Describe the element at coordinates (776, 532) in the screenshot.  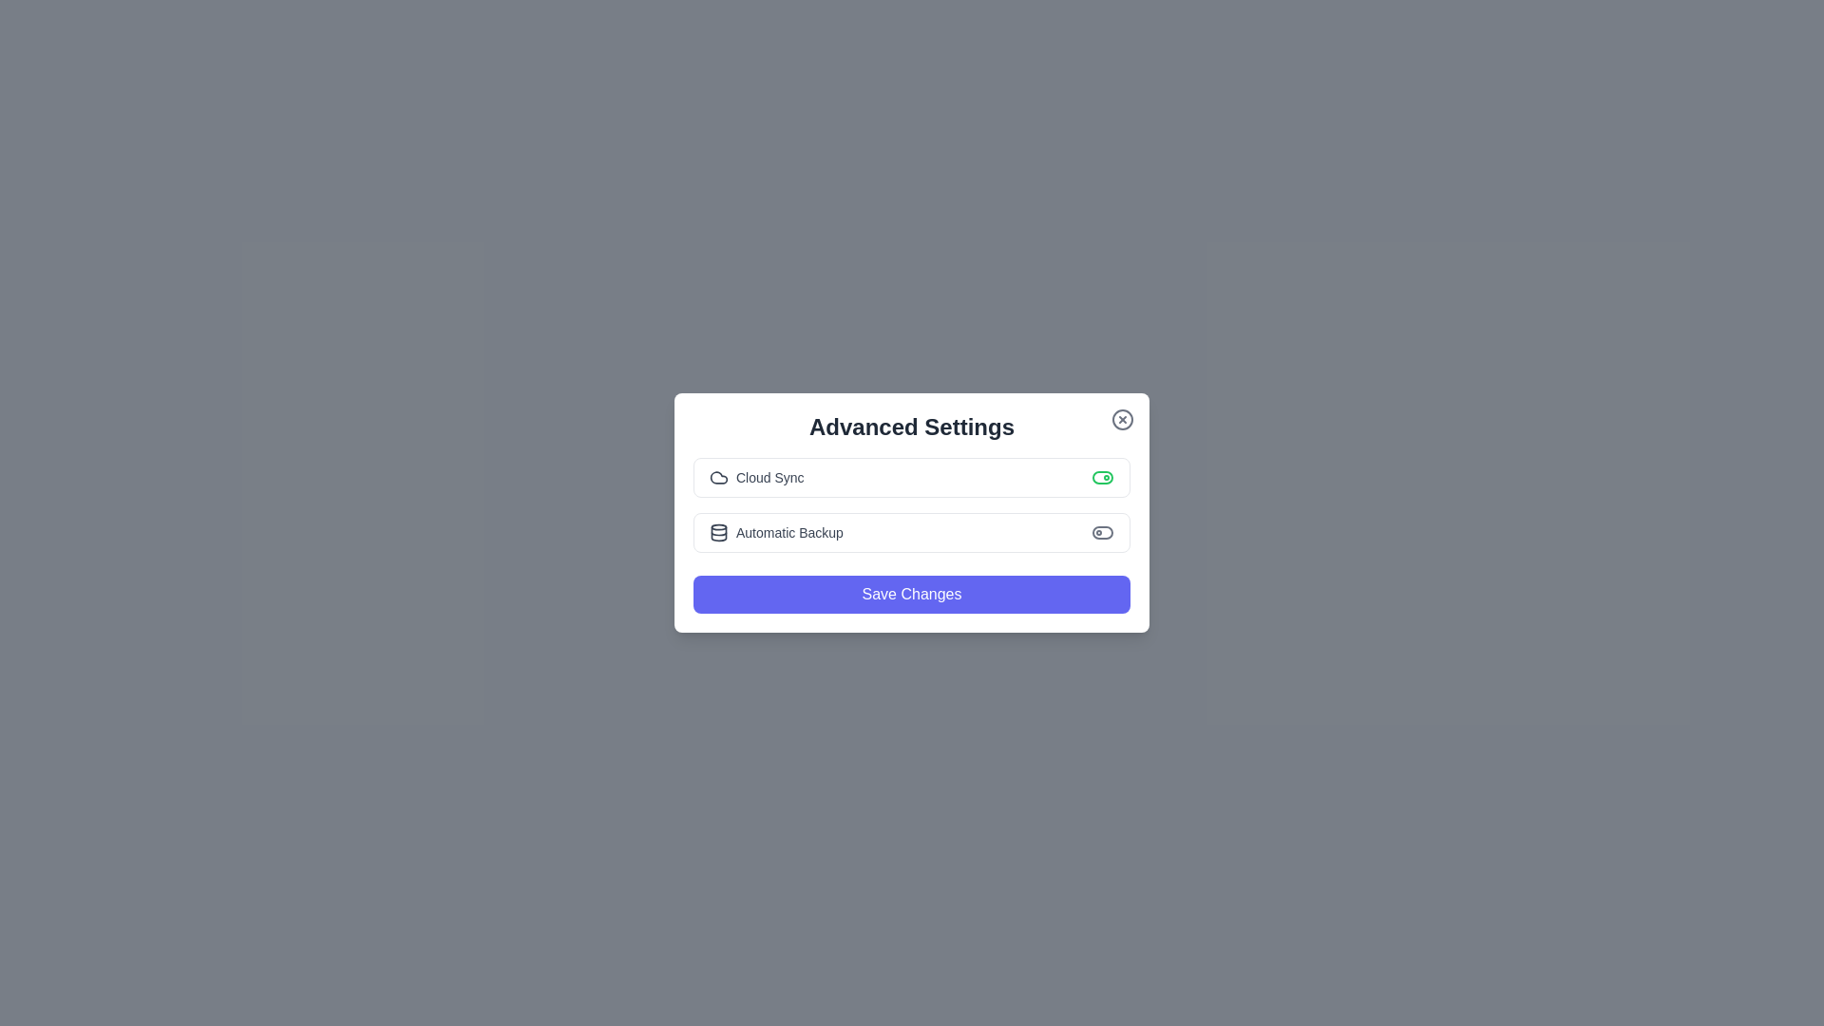
I see `the 'Automatic Backup' label with icon, which is the first label under the 'Cloud Sync' option` at that location.